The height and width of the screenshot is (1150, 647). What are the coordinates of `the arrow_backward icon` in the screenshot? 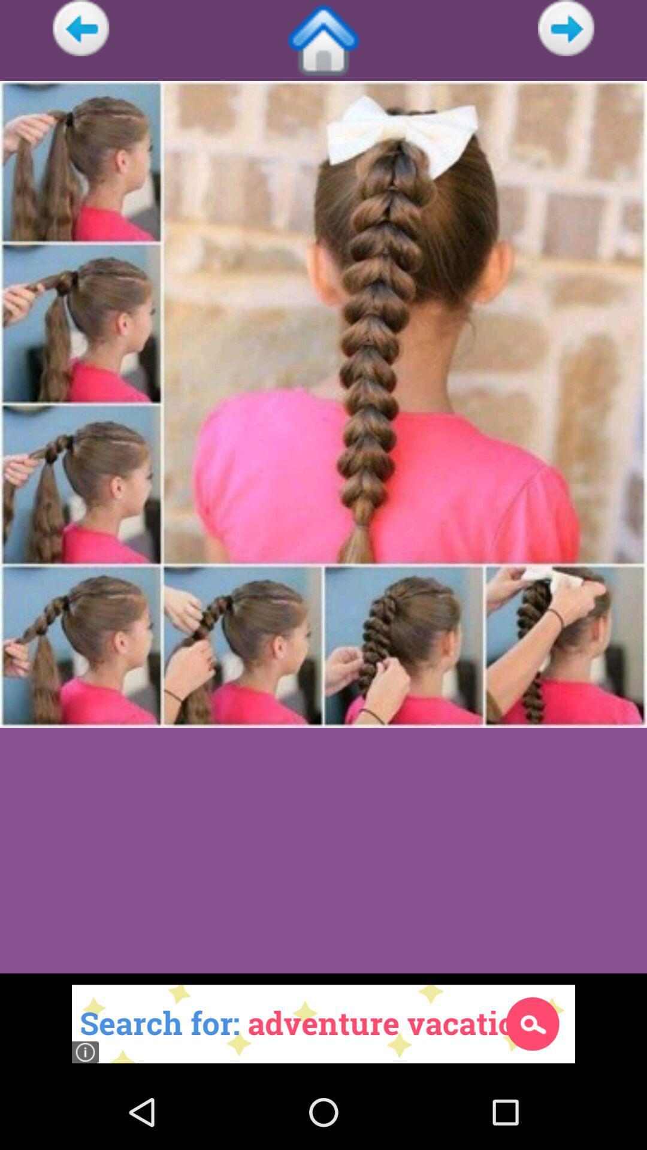 It's located at (81, 30).